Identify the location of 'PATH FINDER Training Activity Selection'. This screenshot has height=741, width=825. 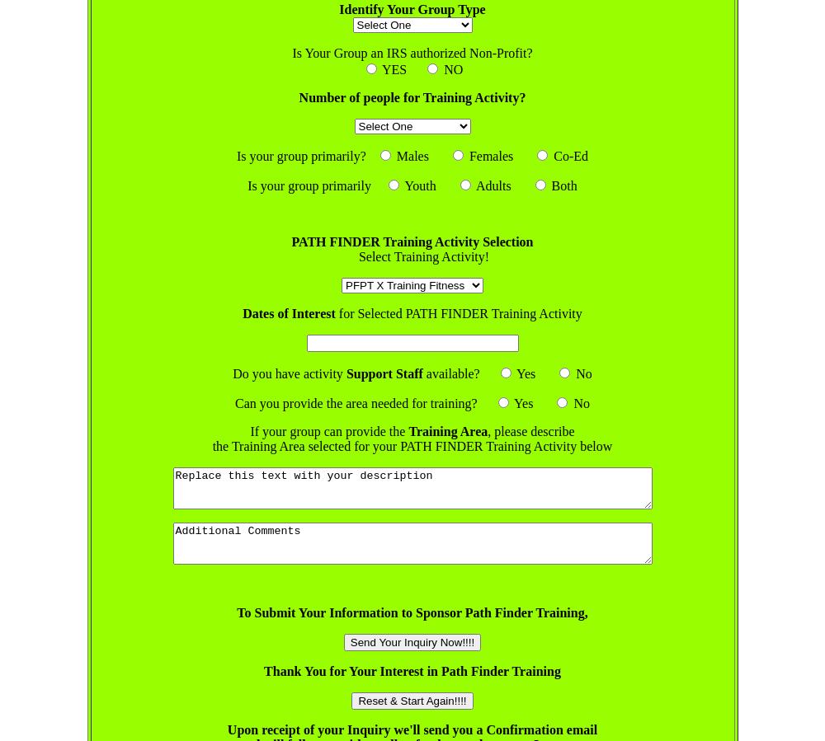
(411, 242).